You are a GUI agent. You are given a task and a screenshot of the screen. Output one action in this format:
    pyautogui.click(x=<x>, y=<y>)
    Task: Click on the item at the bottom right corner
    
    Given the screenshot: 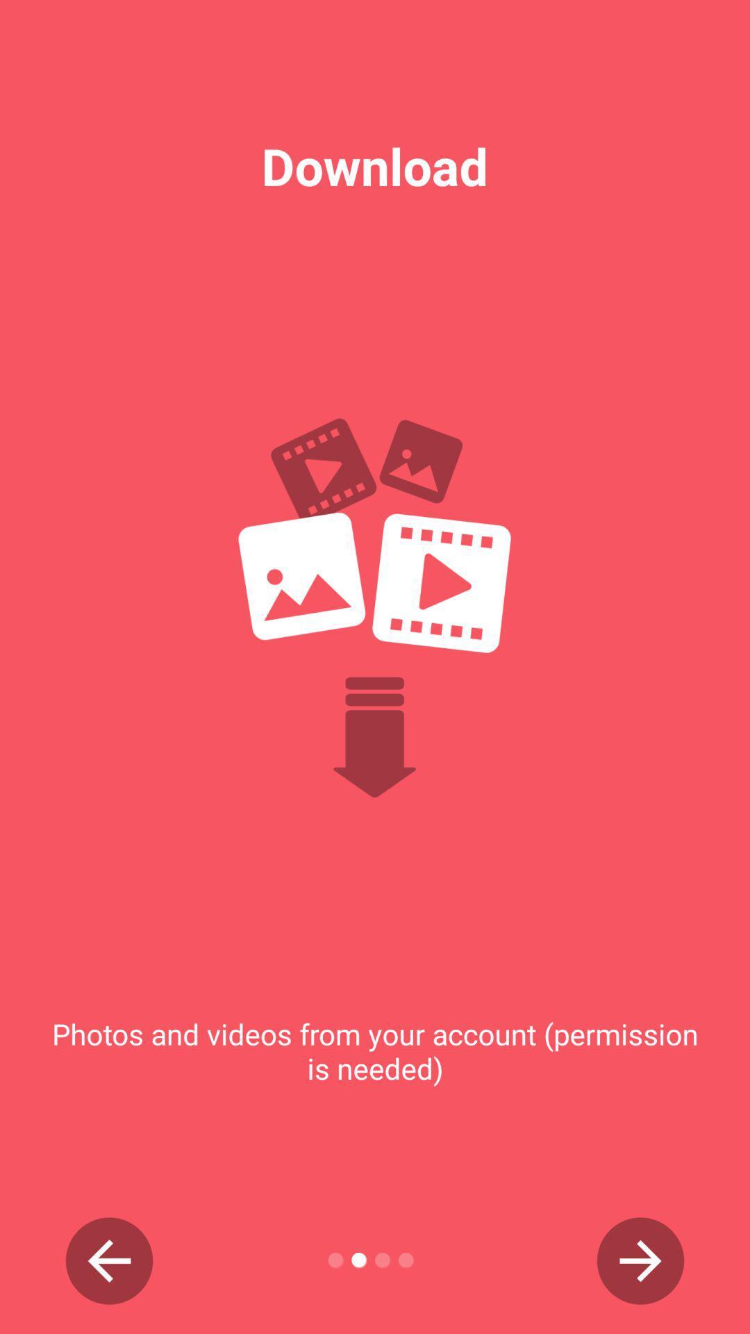 What is the action you would take?
    pyautogui.click(x=640, y=1260)
    